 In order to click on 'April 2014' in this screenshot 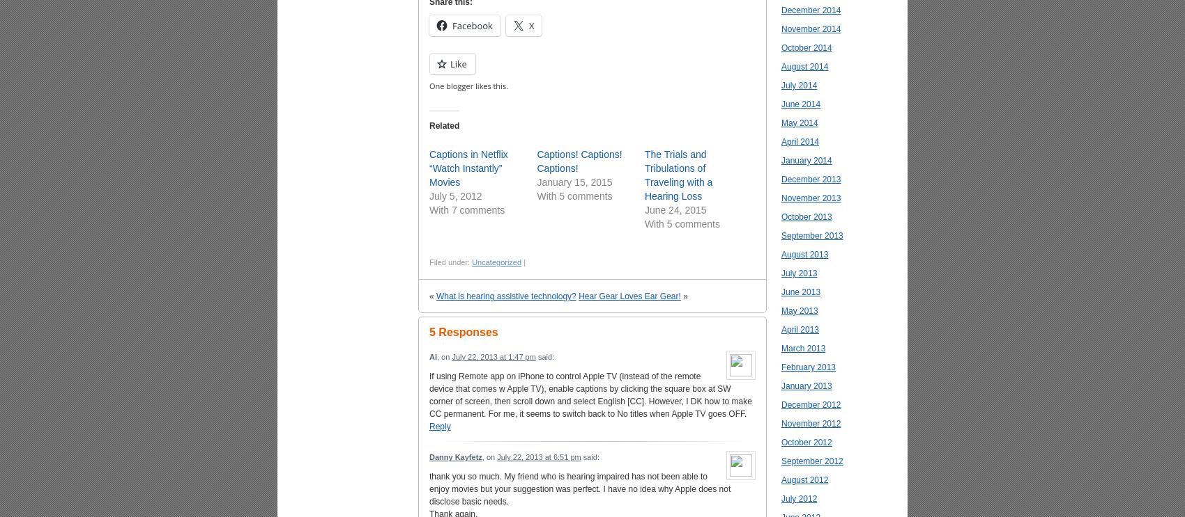, I will do `click(800, 141)`.